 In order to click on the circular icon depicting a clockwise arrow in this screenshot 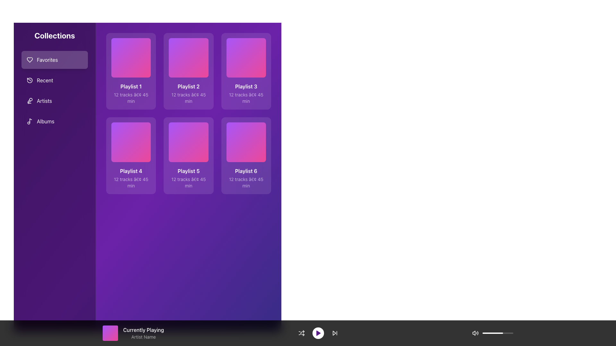, I will do `click(29, 80)`.